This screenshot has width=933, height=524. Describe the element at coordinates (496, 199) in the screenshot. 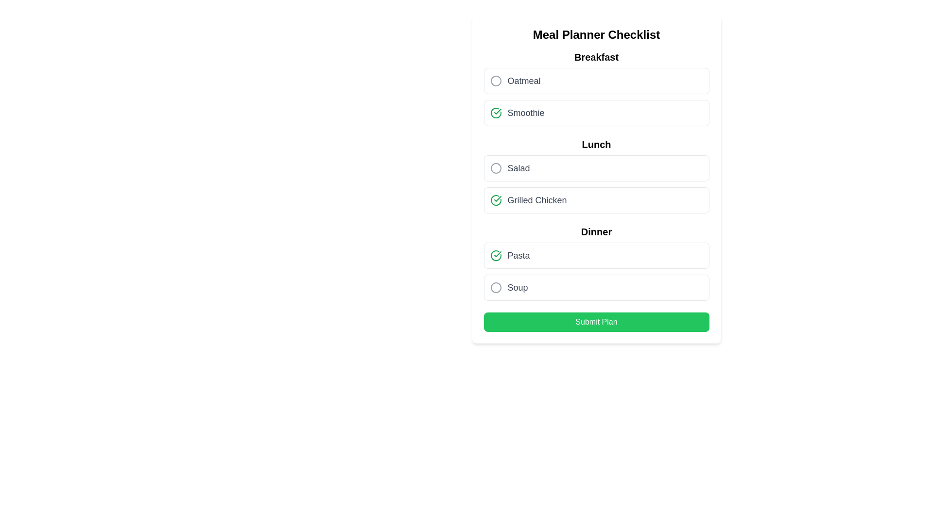

I see `the green check mark icon representing confirmation, located to the left of the 'Grilled Chicken' text in the Lunch section of the checklist interface` at that location.